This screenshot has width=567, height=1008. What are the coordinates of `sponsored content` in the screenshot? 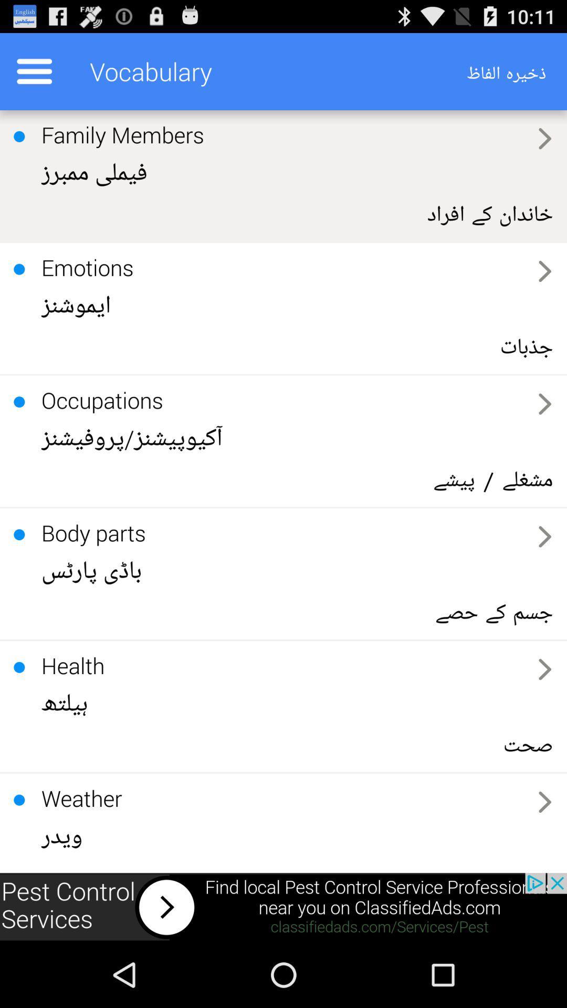 It's located at (283, 907).